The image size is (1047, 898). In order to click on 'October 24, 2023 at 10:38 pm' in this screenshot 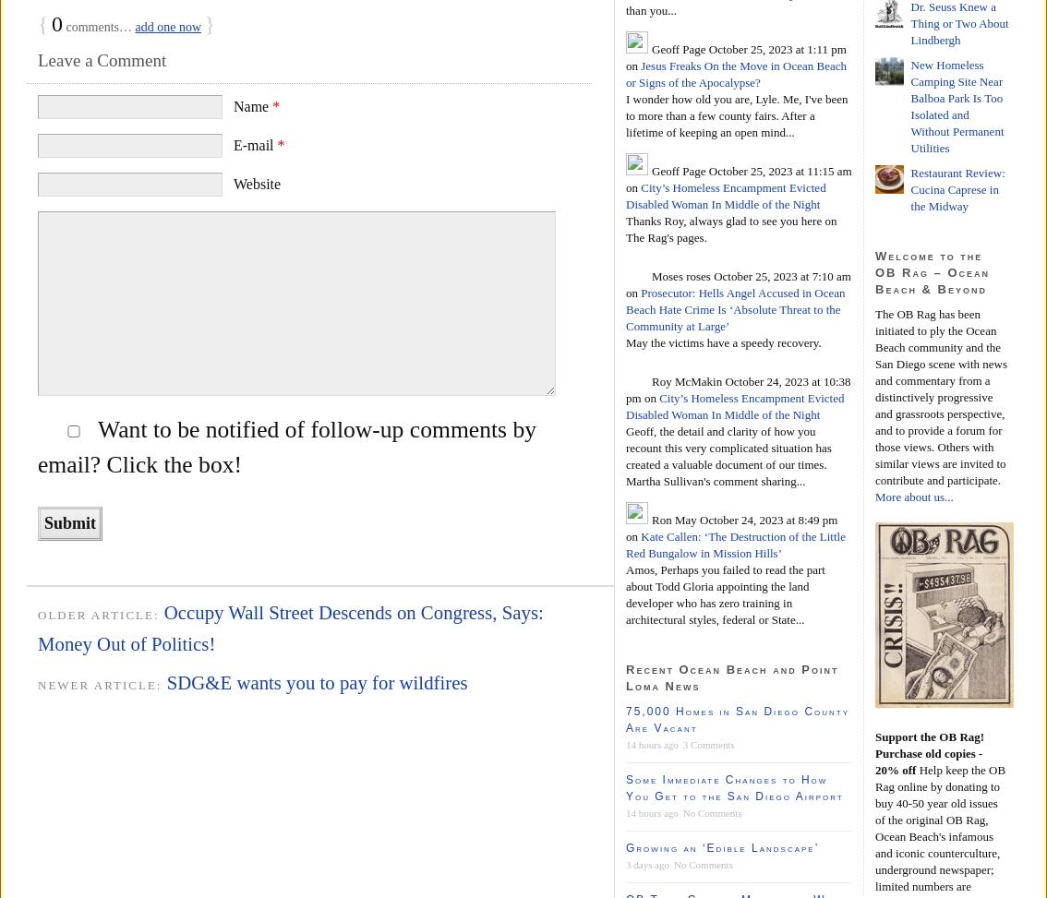, I will do `click(738, 389)`.